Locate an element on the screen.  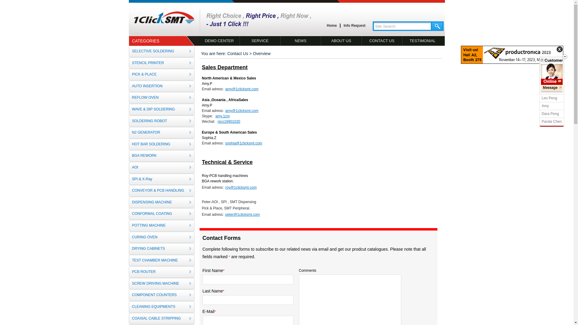
'SELECTIVE SOLDERING' is located at coordinates (162, 51).